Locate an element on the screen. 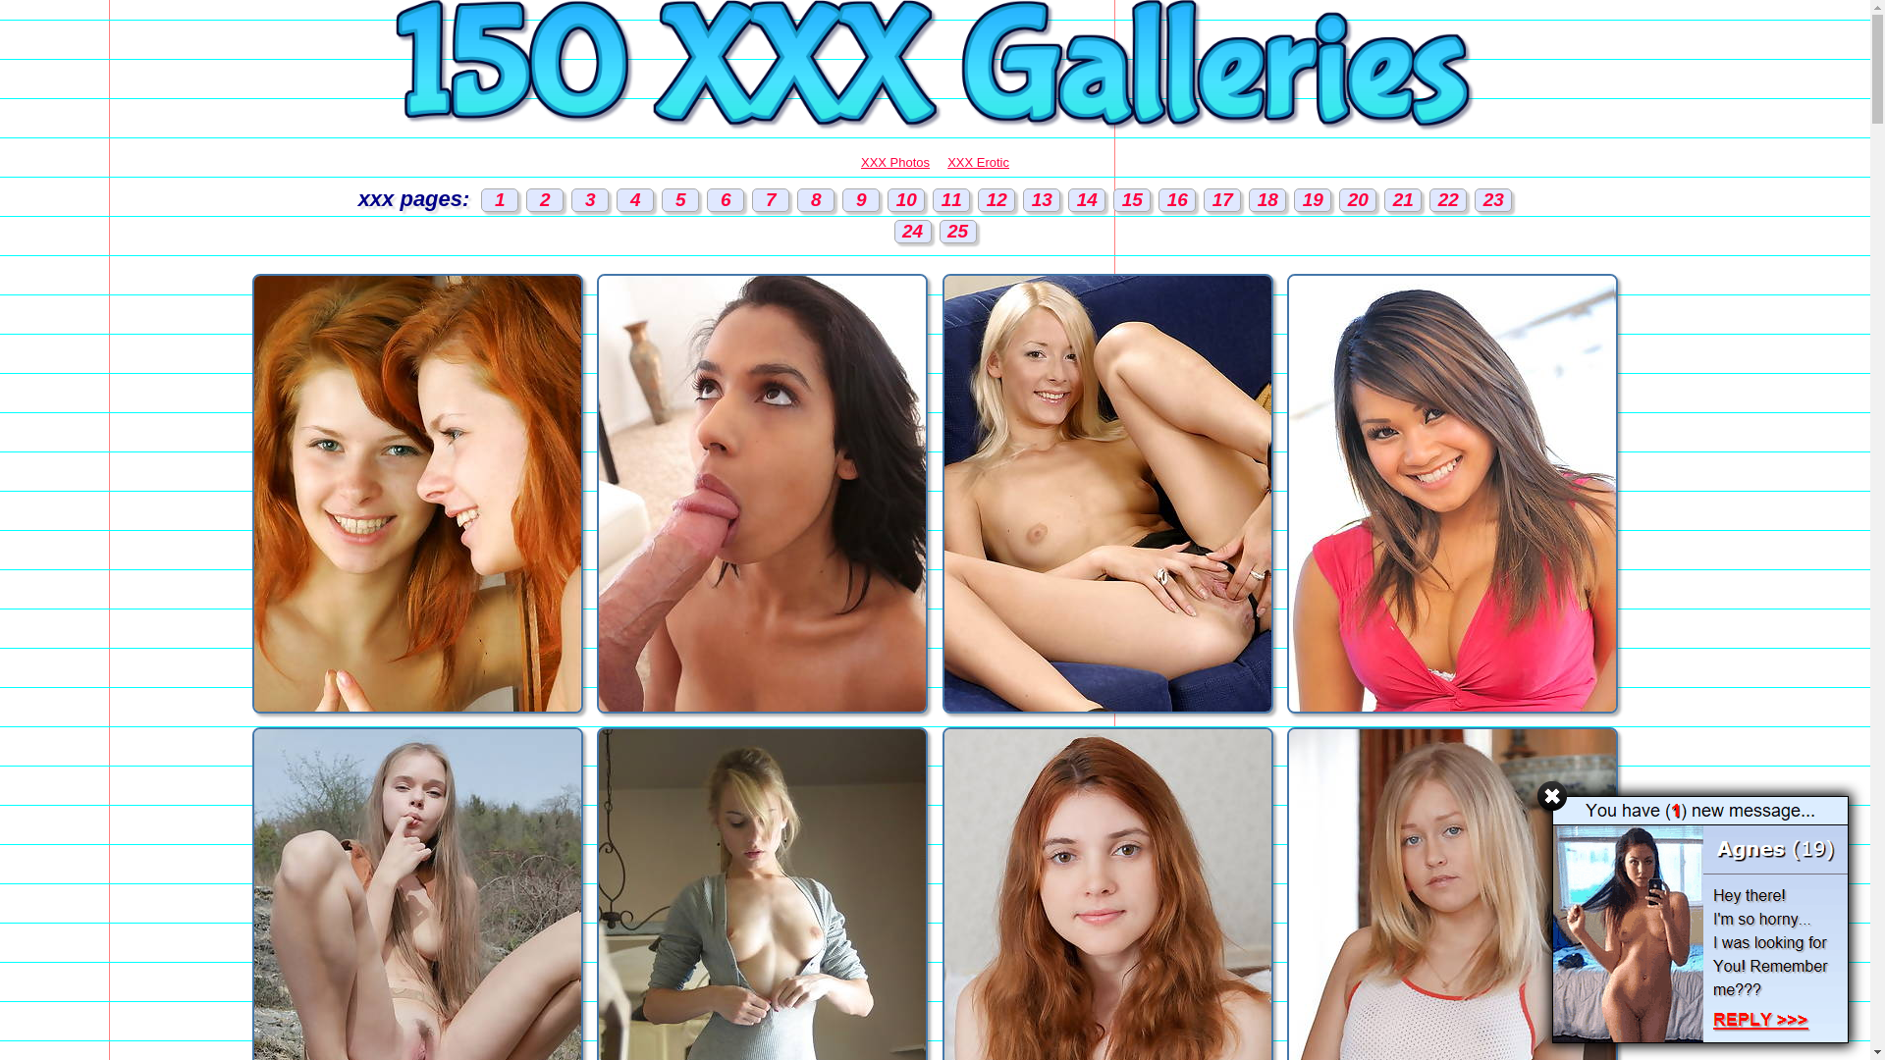 This screenshot has width=1885, height=1060. '18' is located at coordinates (1248, 200).